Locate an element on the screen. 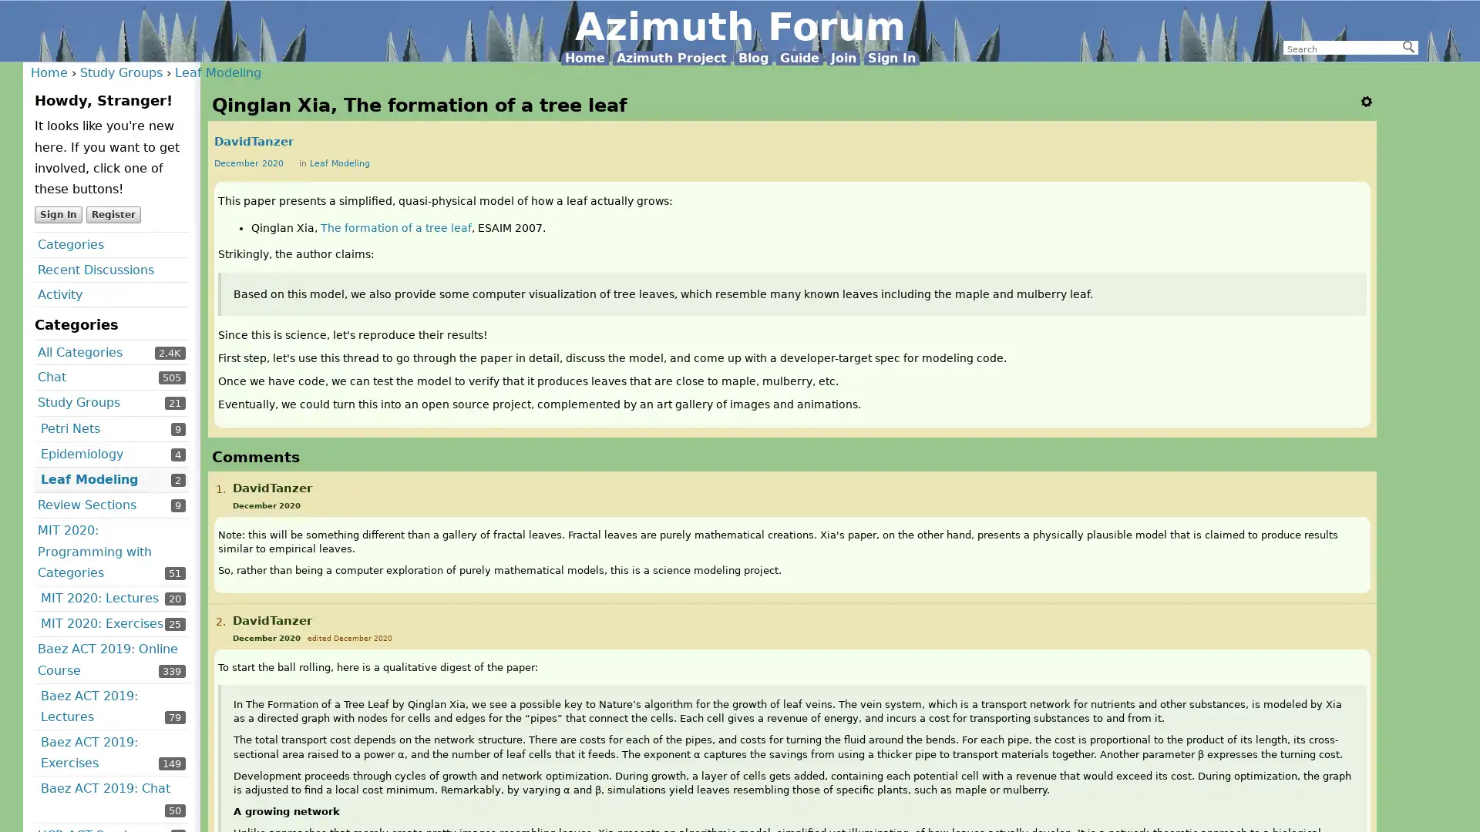 The width and height of the screenshot is (1480, 832). Go is located at coordinates (1409, 46).